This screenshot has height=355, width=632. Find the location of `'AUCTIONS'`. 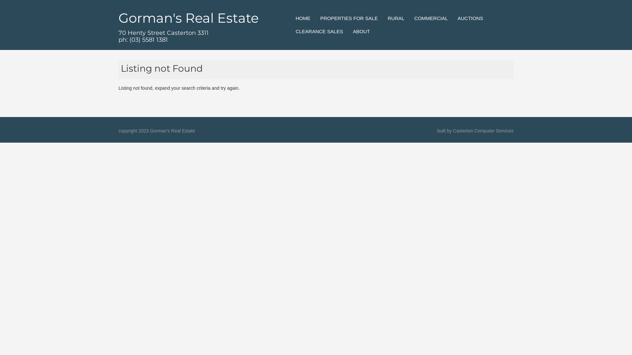

'AUCTIONS' is located at coordinates (470, 18).